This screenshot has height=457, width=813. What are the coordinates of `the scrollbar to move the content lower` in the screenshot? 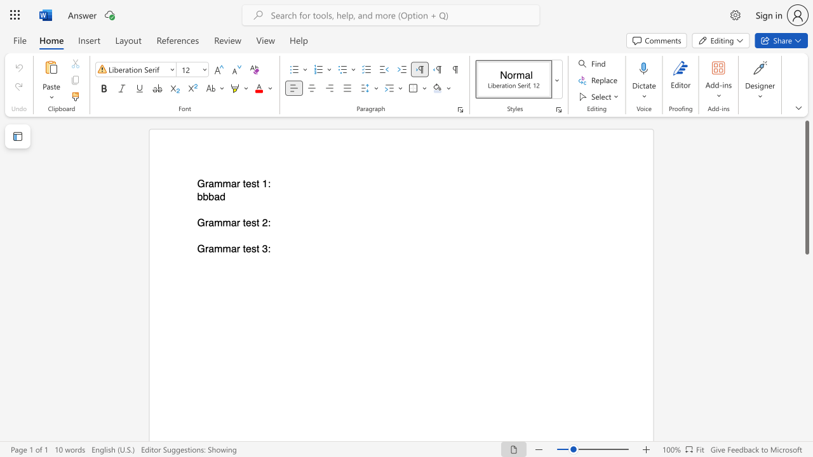 It's located at (806, 386).